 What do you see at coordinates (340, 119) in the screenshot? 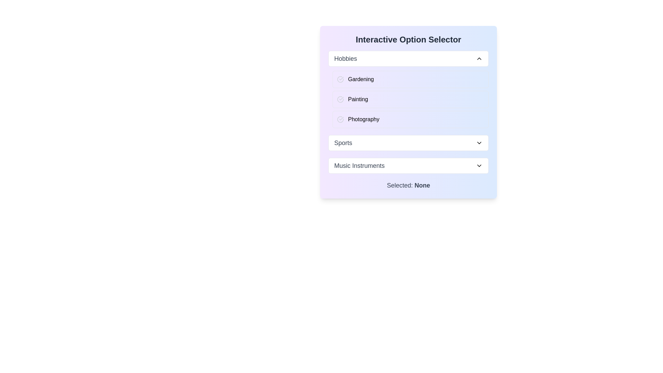
I see `the circular icon with a check mark` at bounding box center [340, 119].